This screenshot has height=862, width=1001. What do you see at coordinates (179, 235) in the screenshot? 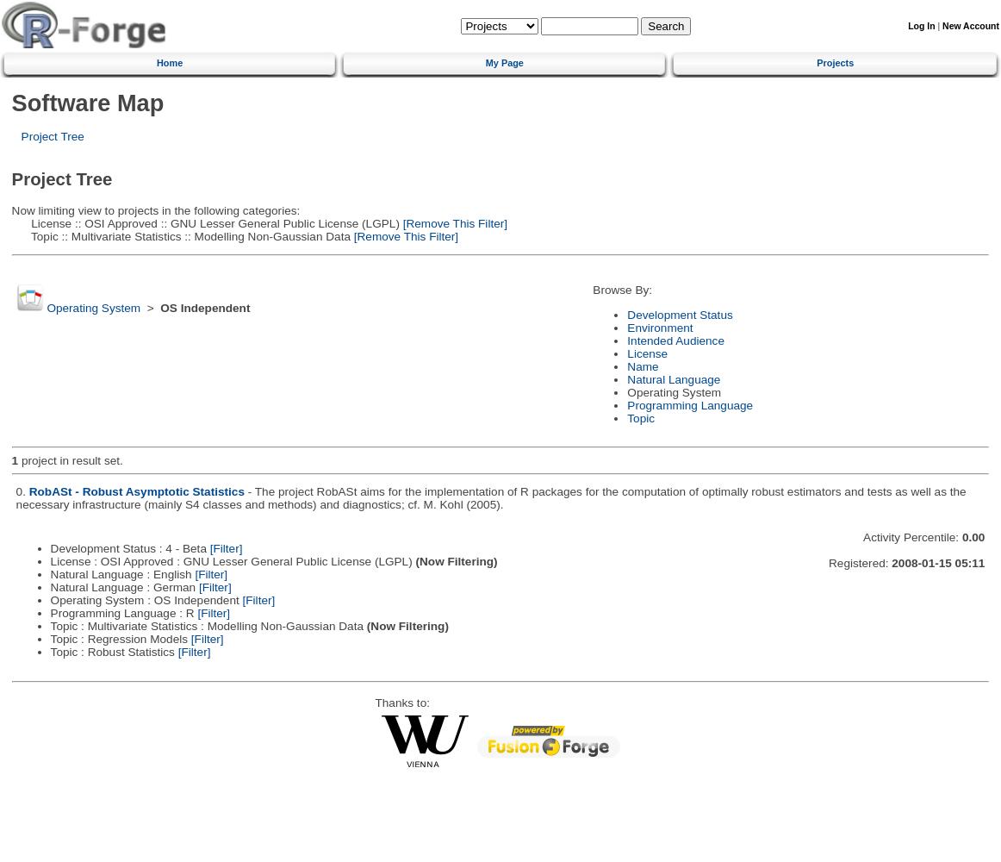
I see `'Topic :: Multivariate Statistics :: Modelling Non-Gaussian Data'` at bounding box center [179, 235].